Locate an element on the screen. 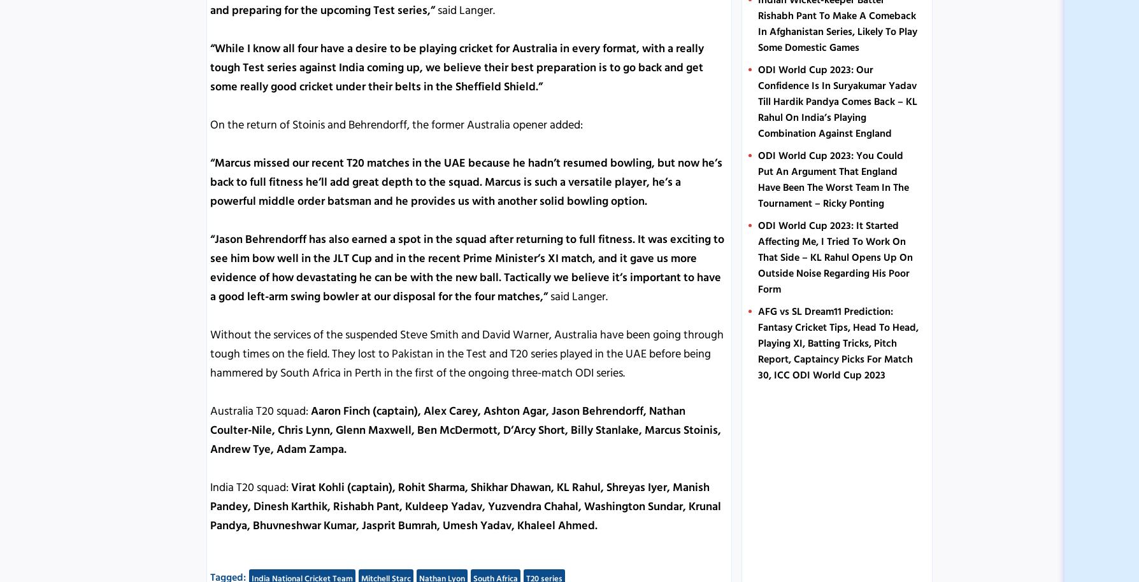 Image resolution: width=1139 pixels, height=582 pixels. 'Aaron Finch (captain), Alex Carey, Ashton Agar, Jason Behrendorff, Nathan Coulter-Nile, Chris Lynn, Glenn Maxwell, Ben McDermott, D’Arcy Short, Billy Stanlake, Marcus Stoinis, Andrew Tye, Adam Zampa.' is located at coordinates (210, 429).